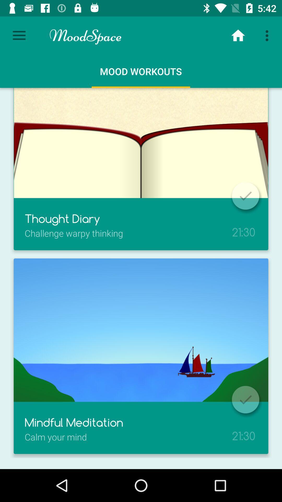  Describe the element at coordinates (19, 35) in the screenshot. I see `the item next to the moodspace` at that location.